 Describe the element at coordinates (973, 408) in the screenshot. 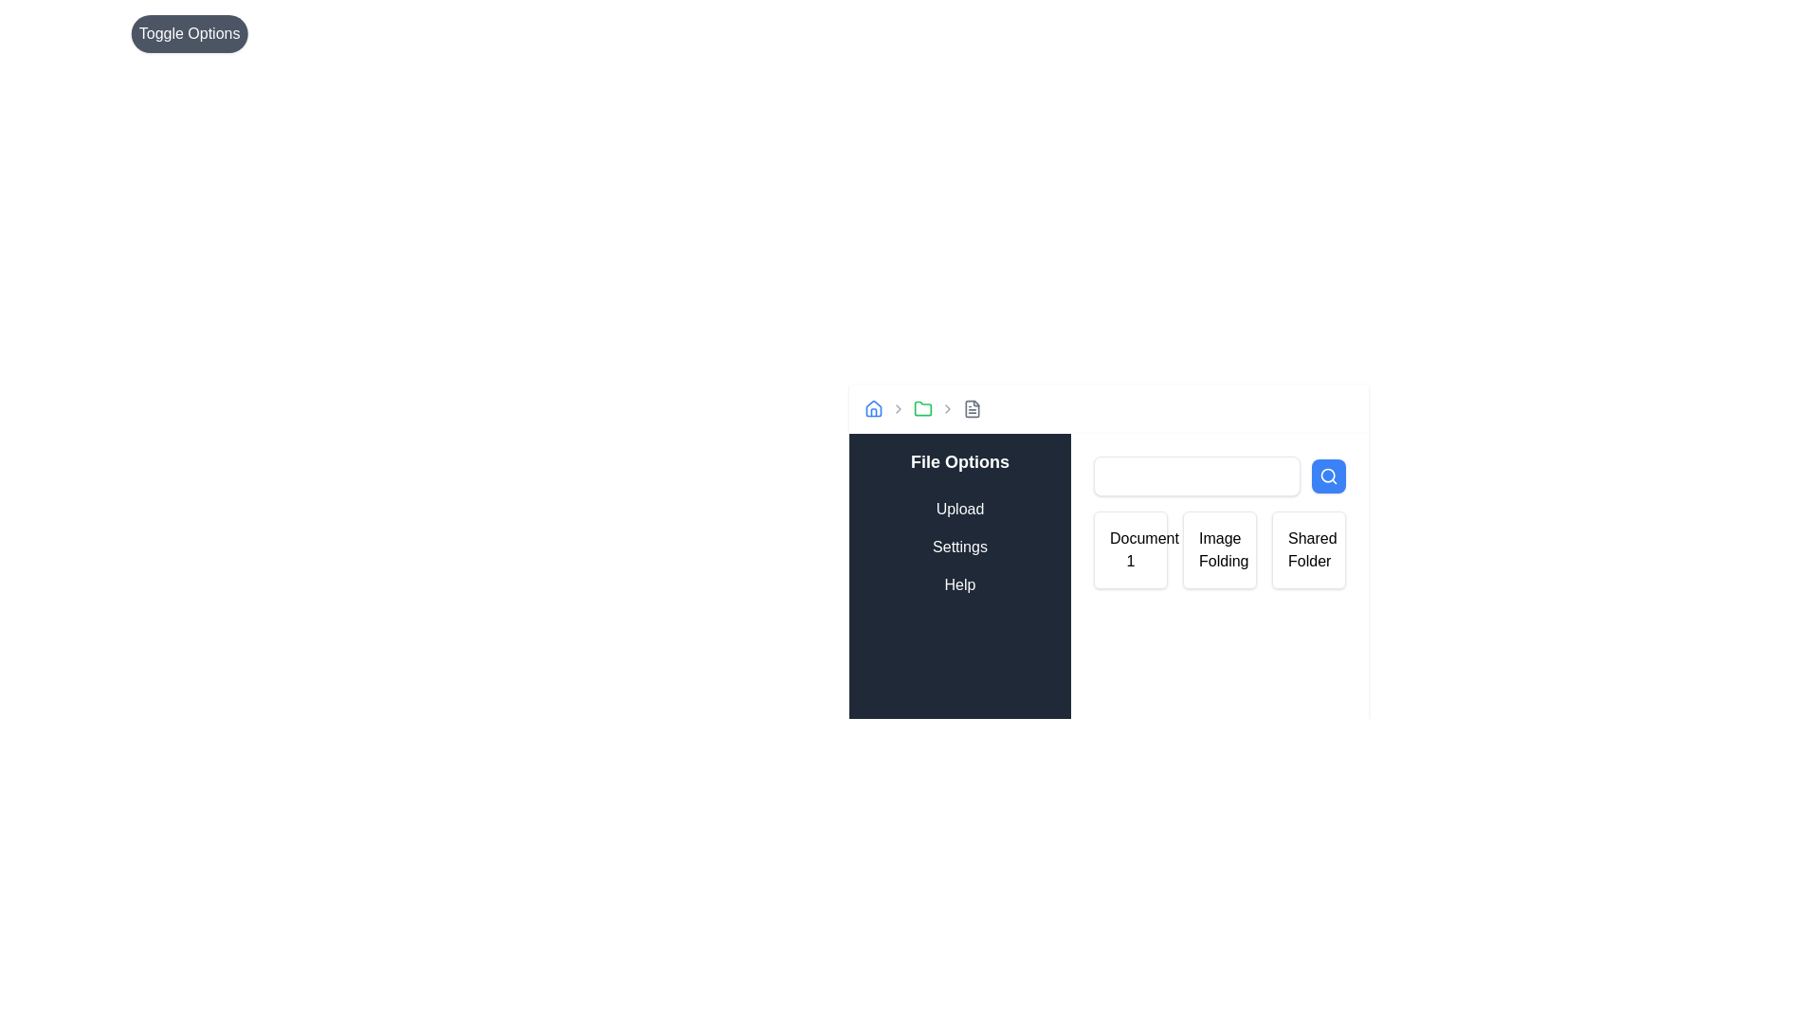

I see `the file icon in the horizontal navigation bar` at that location.